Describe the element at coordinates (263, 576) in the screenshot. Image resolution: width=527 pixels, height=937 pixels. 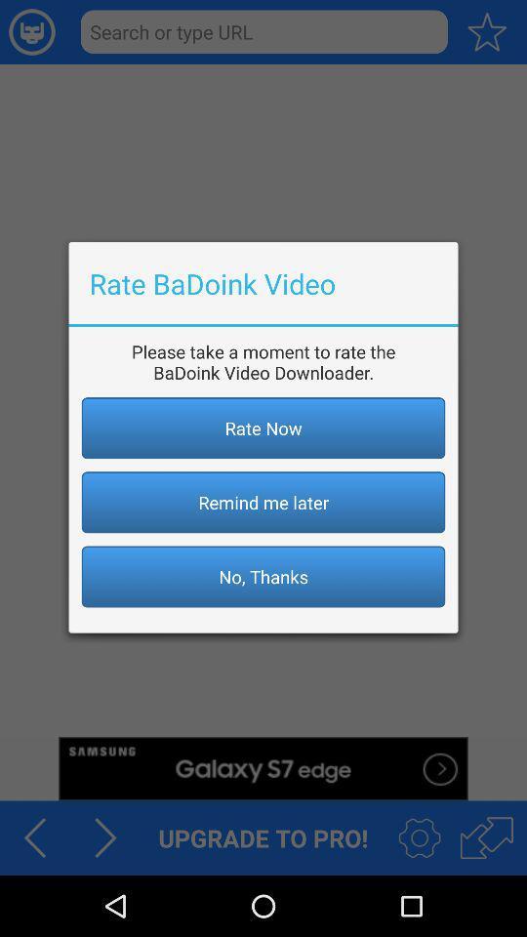
I see `item below the remind me later button` at that location.